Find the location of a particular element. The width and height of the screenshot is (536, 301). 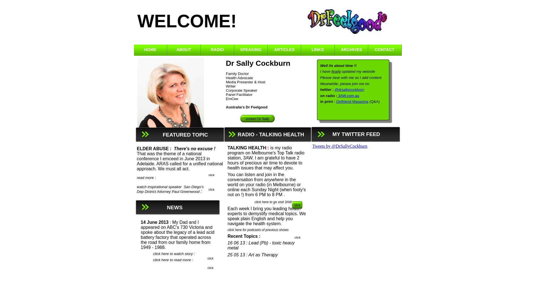

'Tweets by @DrSallyCockburn' is located at coordinates (339, 146).